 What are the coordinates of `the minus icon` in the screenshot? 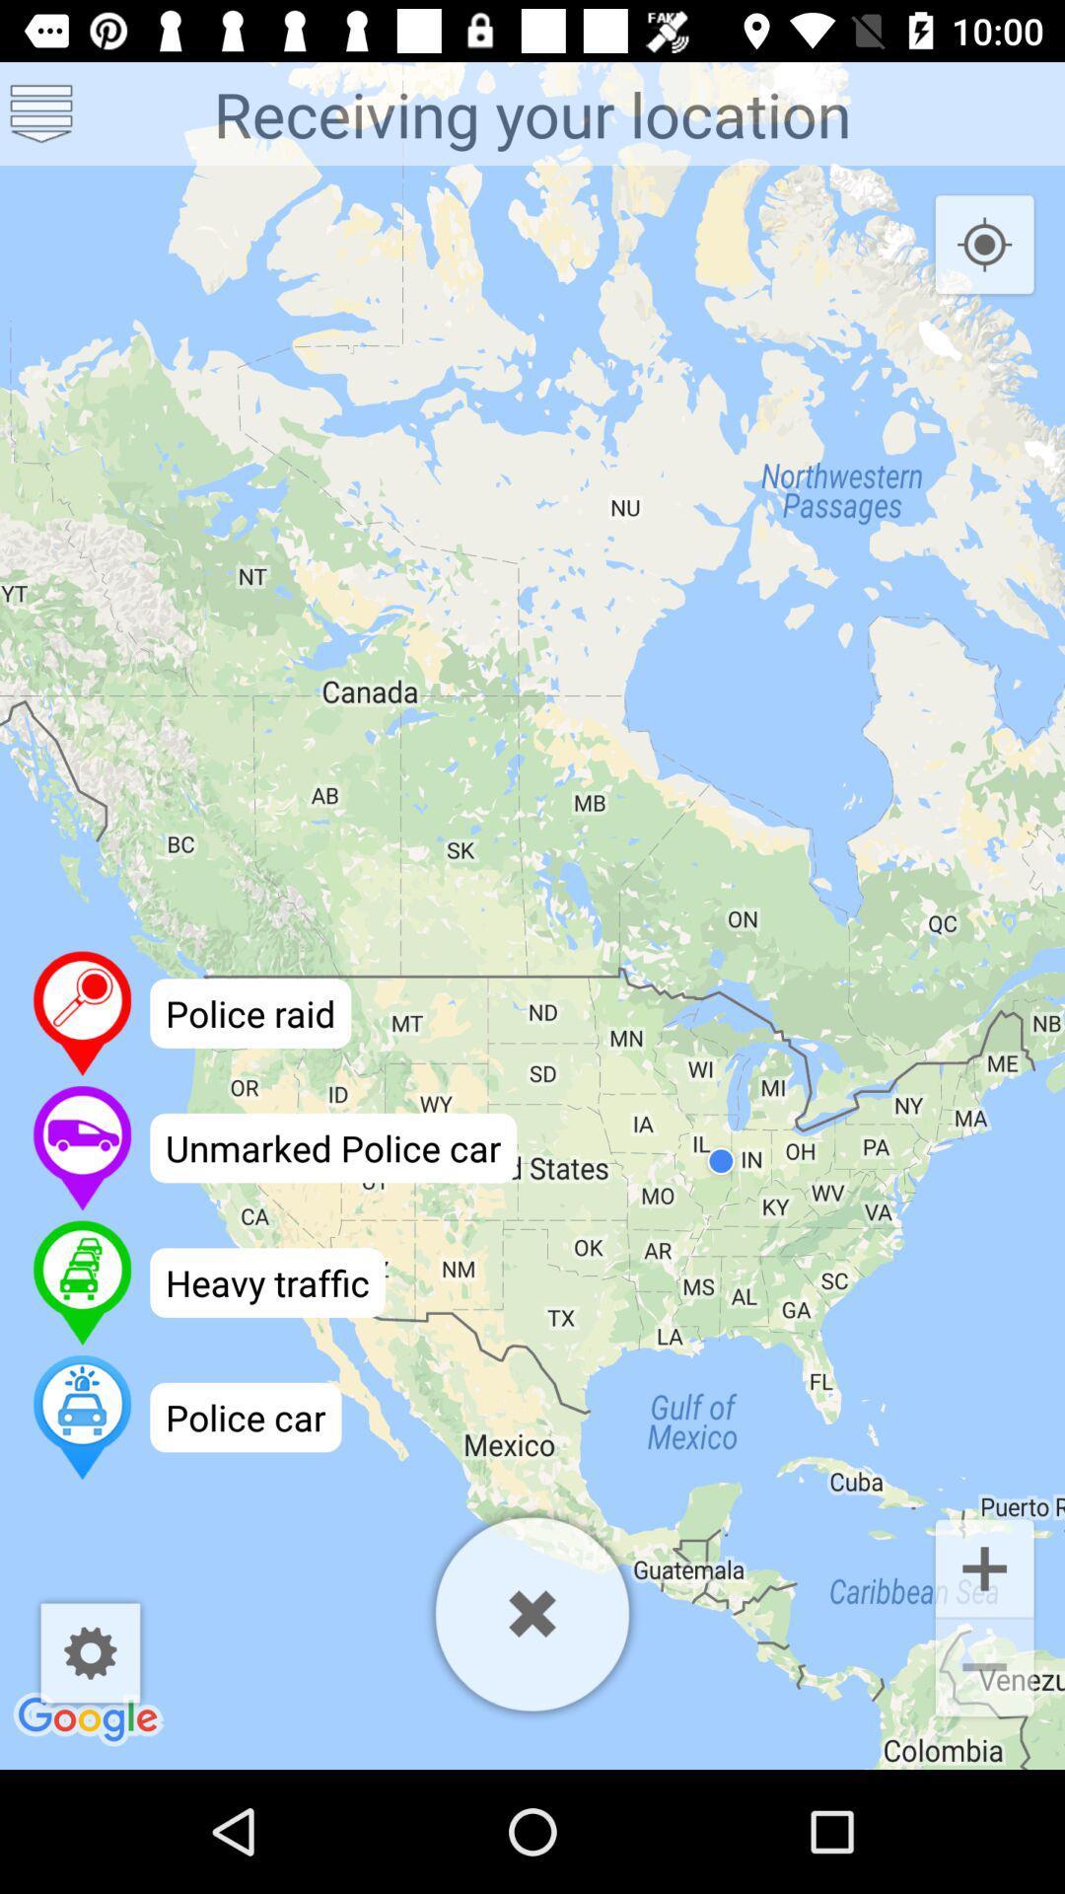 It's located at (984, 1669).